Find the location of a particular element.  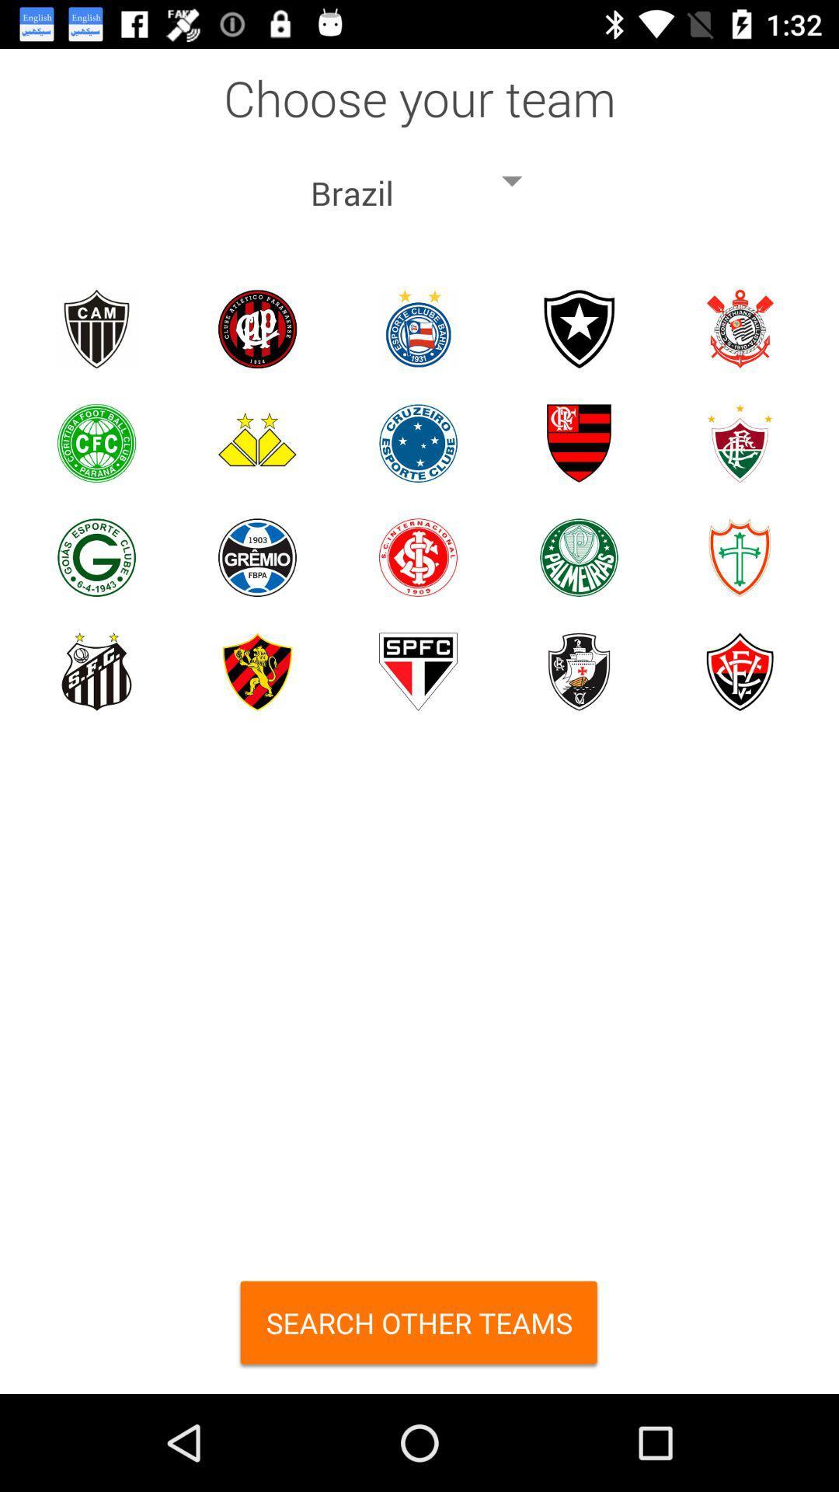

pick this team is located at coordinates (739, 442).